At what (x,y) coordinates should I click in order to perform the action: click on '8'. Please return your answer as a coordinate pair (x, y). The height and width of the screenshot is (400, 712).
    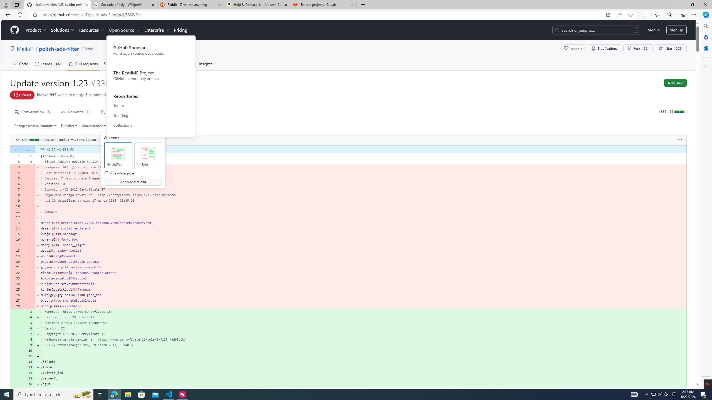
    Looking at the image, I should click on (28, 339).